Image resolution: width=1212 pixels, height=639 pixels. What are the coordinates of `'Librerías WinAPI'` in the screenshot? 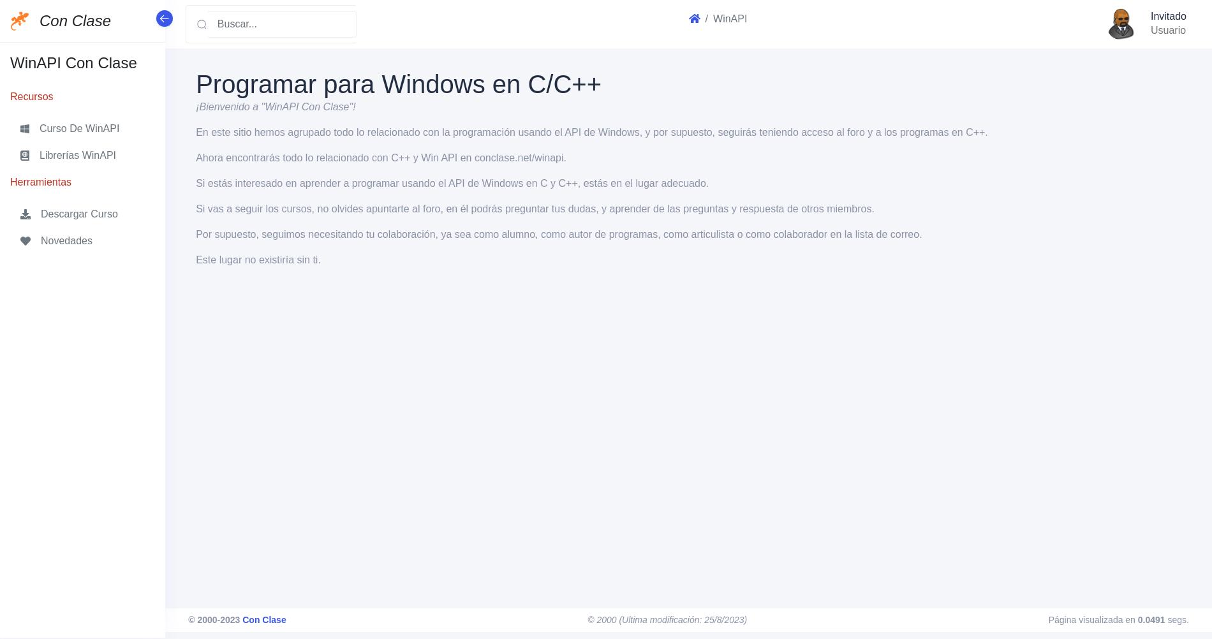 It's located at (77, 154).